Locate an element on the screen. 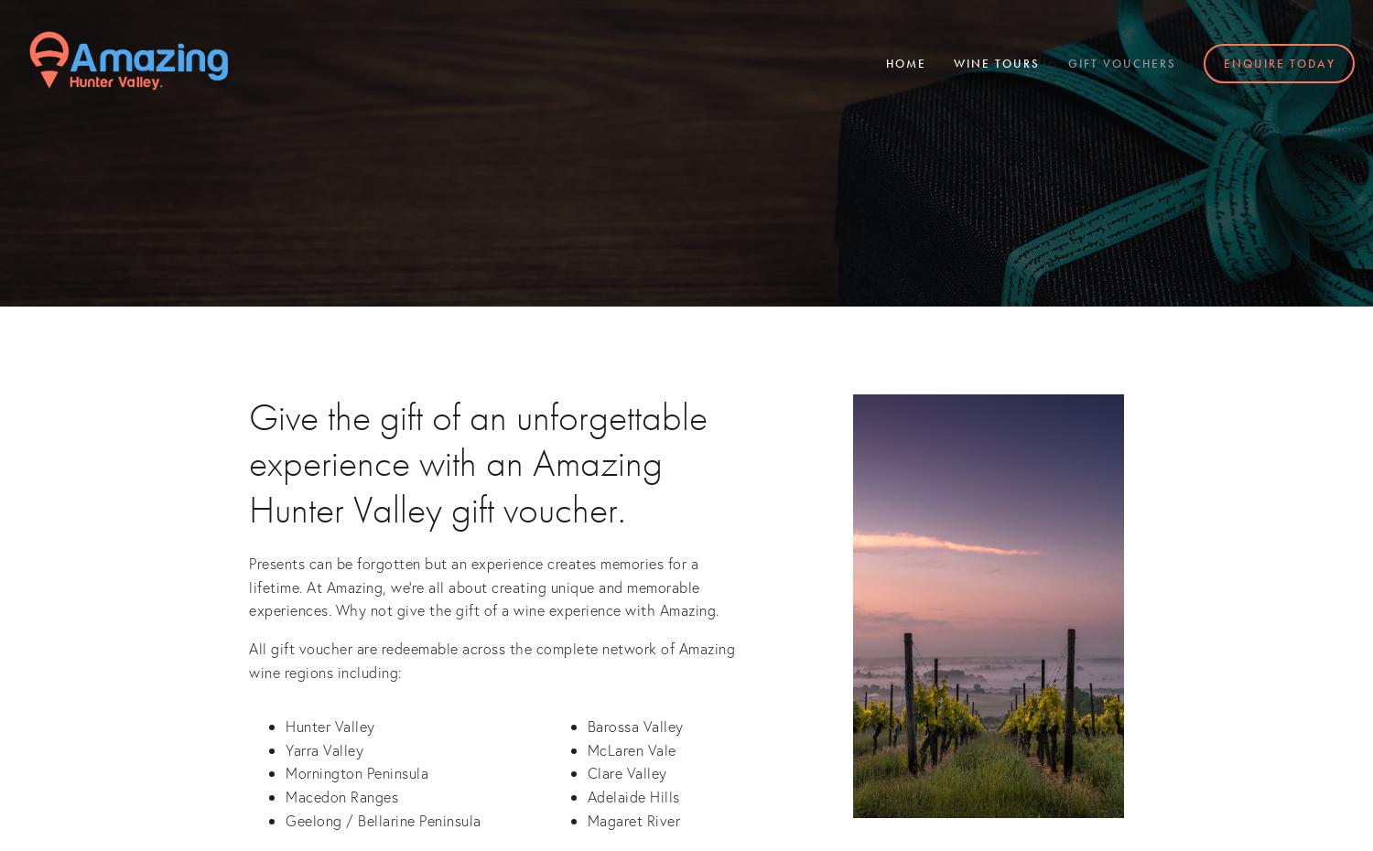 The image size is (1373, 851). 'Mornington Peninsula' is located at coordinates (357, 771).